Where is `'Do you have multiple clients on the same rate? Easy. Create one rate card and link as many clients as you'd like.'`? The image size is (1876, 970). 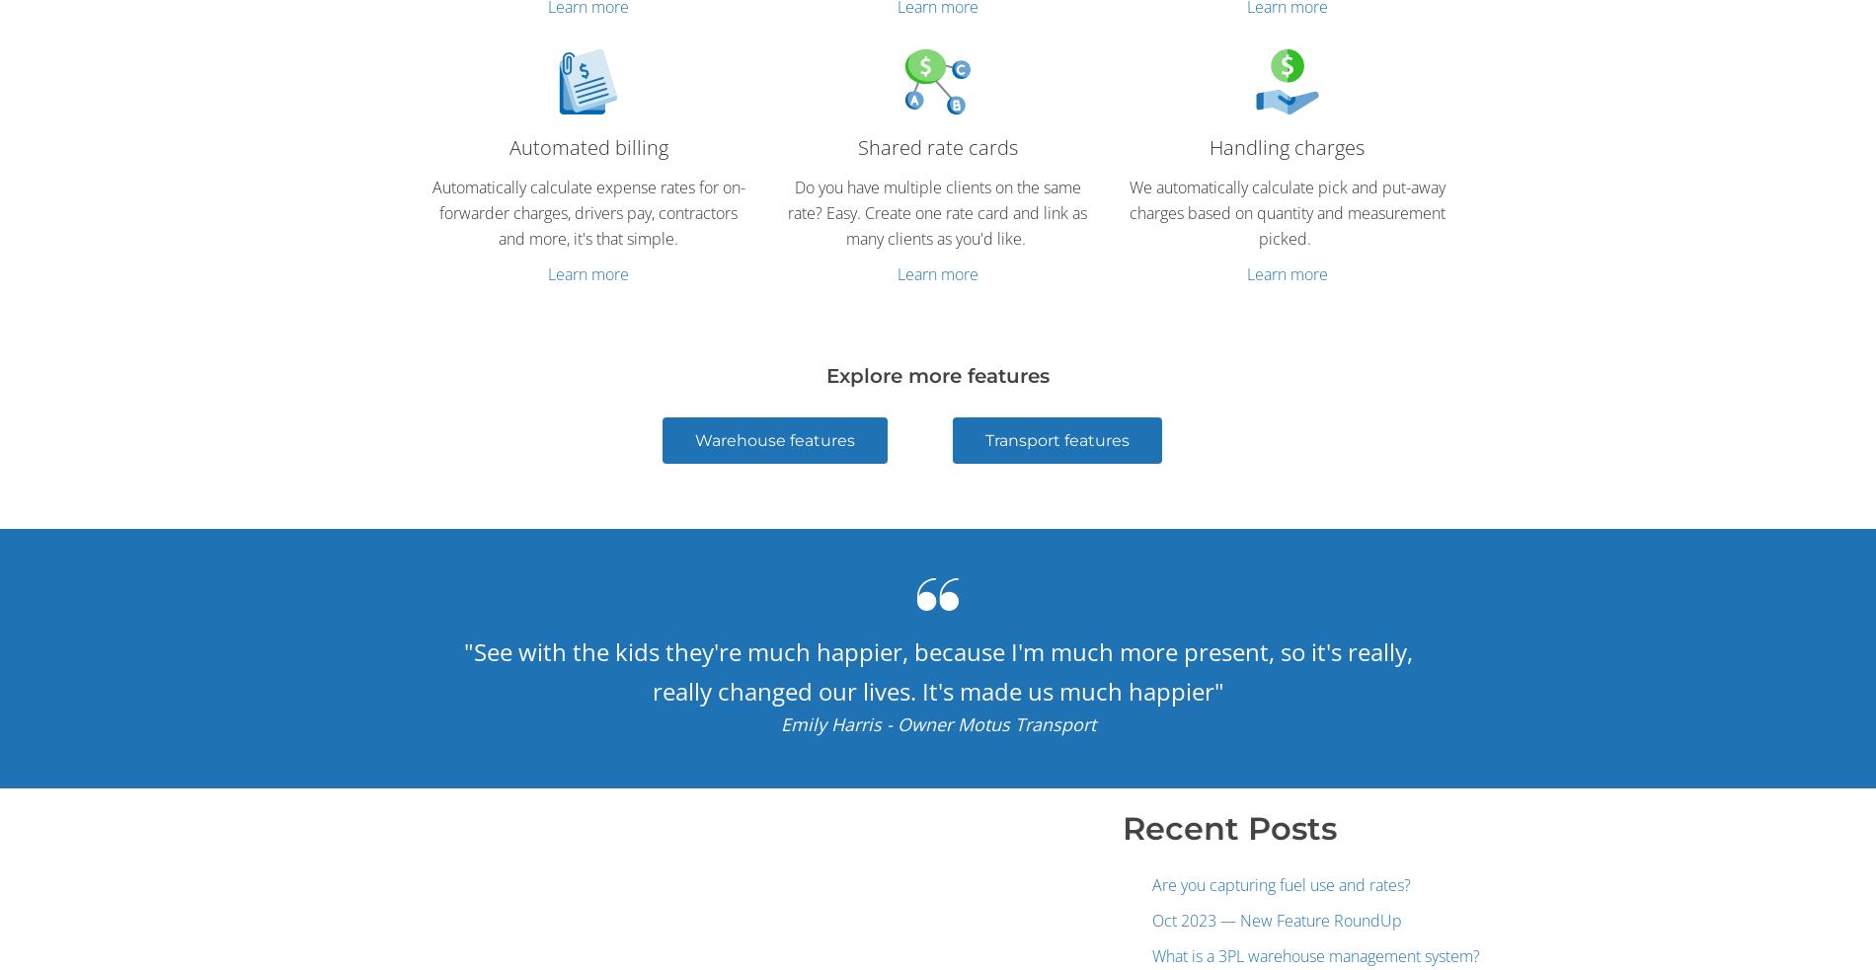 'Do you have multiple clients on the same rate? Easy. Create one rate card and link as many clients as you'd like.' is located at coordinates (787, 212).